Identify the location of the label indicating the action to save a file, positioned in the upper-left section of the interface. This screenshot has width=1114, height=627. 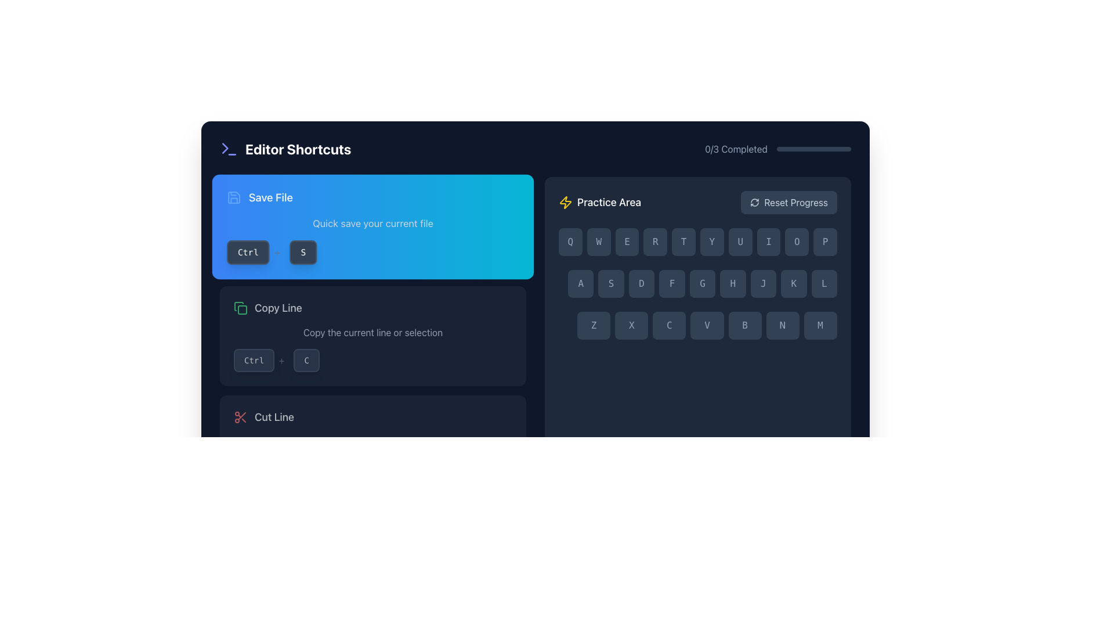
(259, 197).